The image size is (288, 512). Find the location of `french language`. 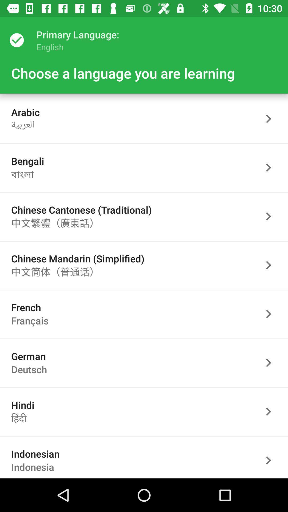

french language is located at coordinates (271, 314).